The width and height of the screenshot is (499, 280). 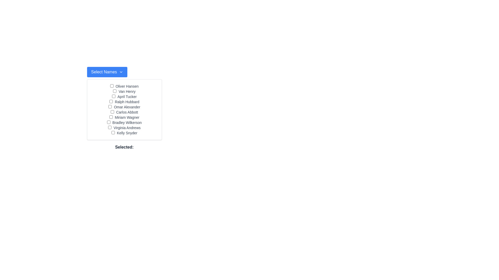 What do you see at coordinates (121, 72) in the screenshot?
I see `blue button containing the chevron icon, which indicates the expandability of the associated dropdown menu, positioned to the right of the text 'Select Names'` at bounding box center [121, 72].